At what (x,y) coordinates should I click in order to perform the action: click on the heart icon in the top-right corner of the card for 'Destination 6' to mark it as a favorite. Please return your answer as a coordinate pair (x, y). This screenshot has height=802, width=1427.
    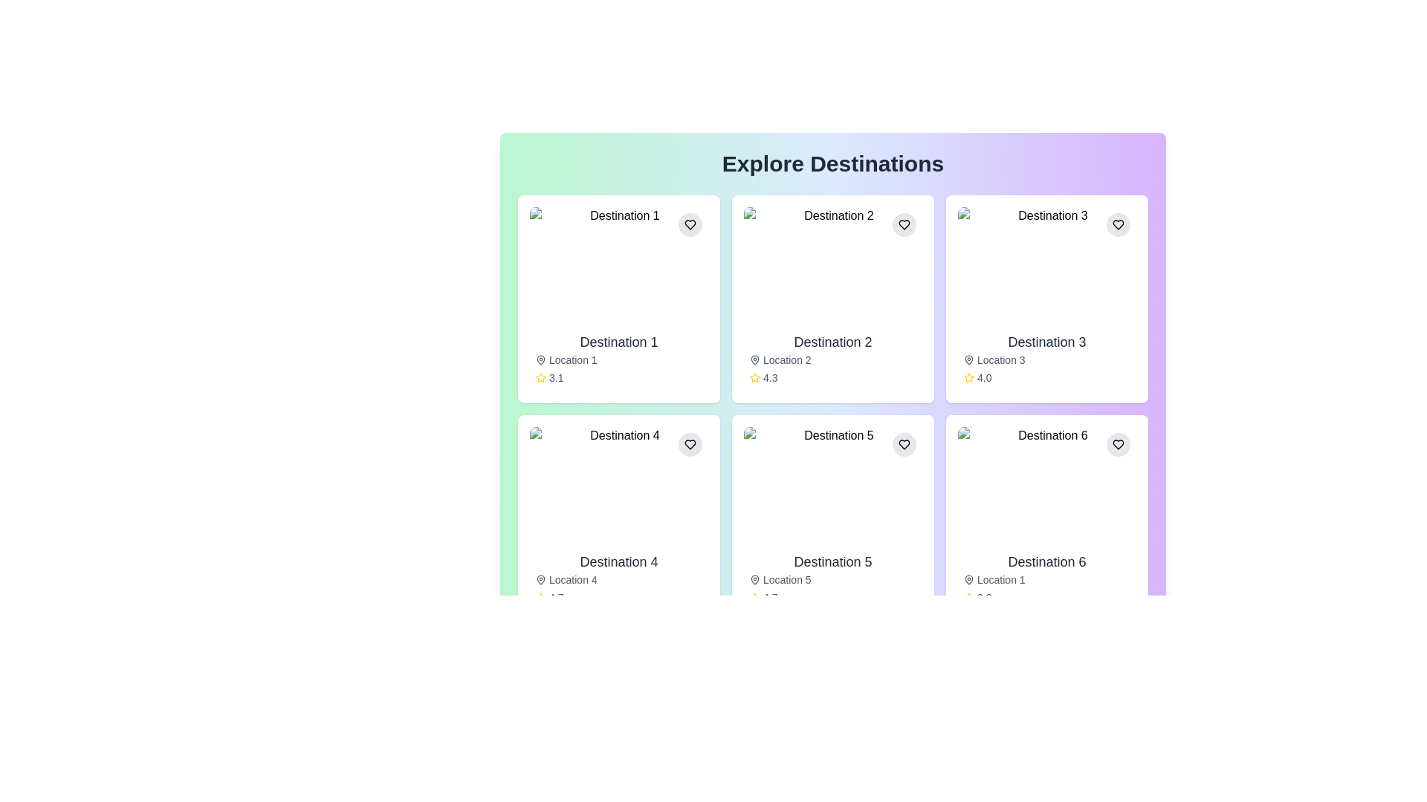
    Looking at the image, I should click on (1119, 443).